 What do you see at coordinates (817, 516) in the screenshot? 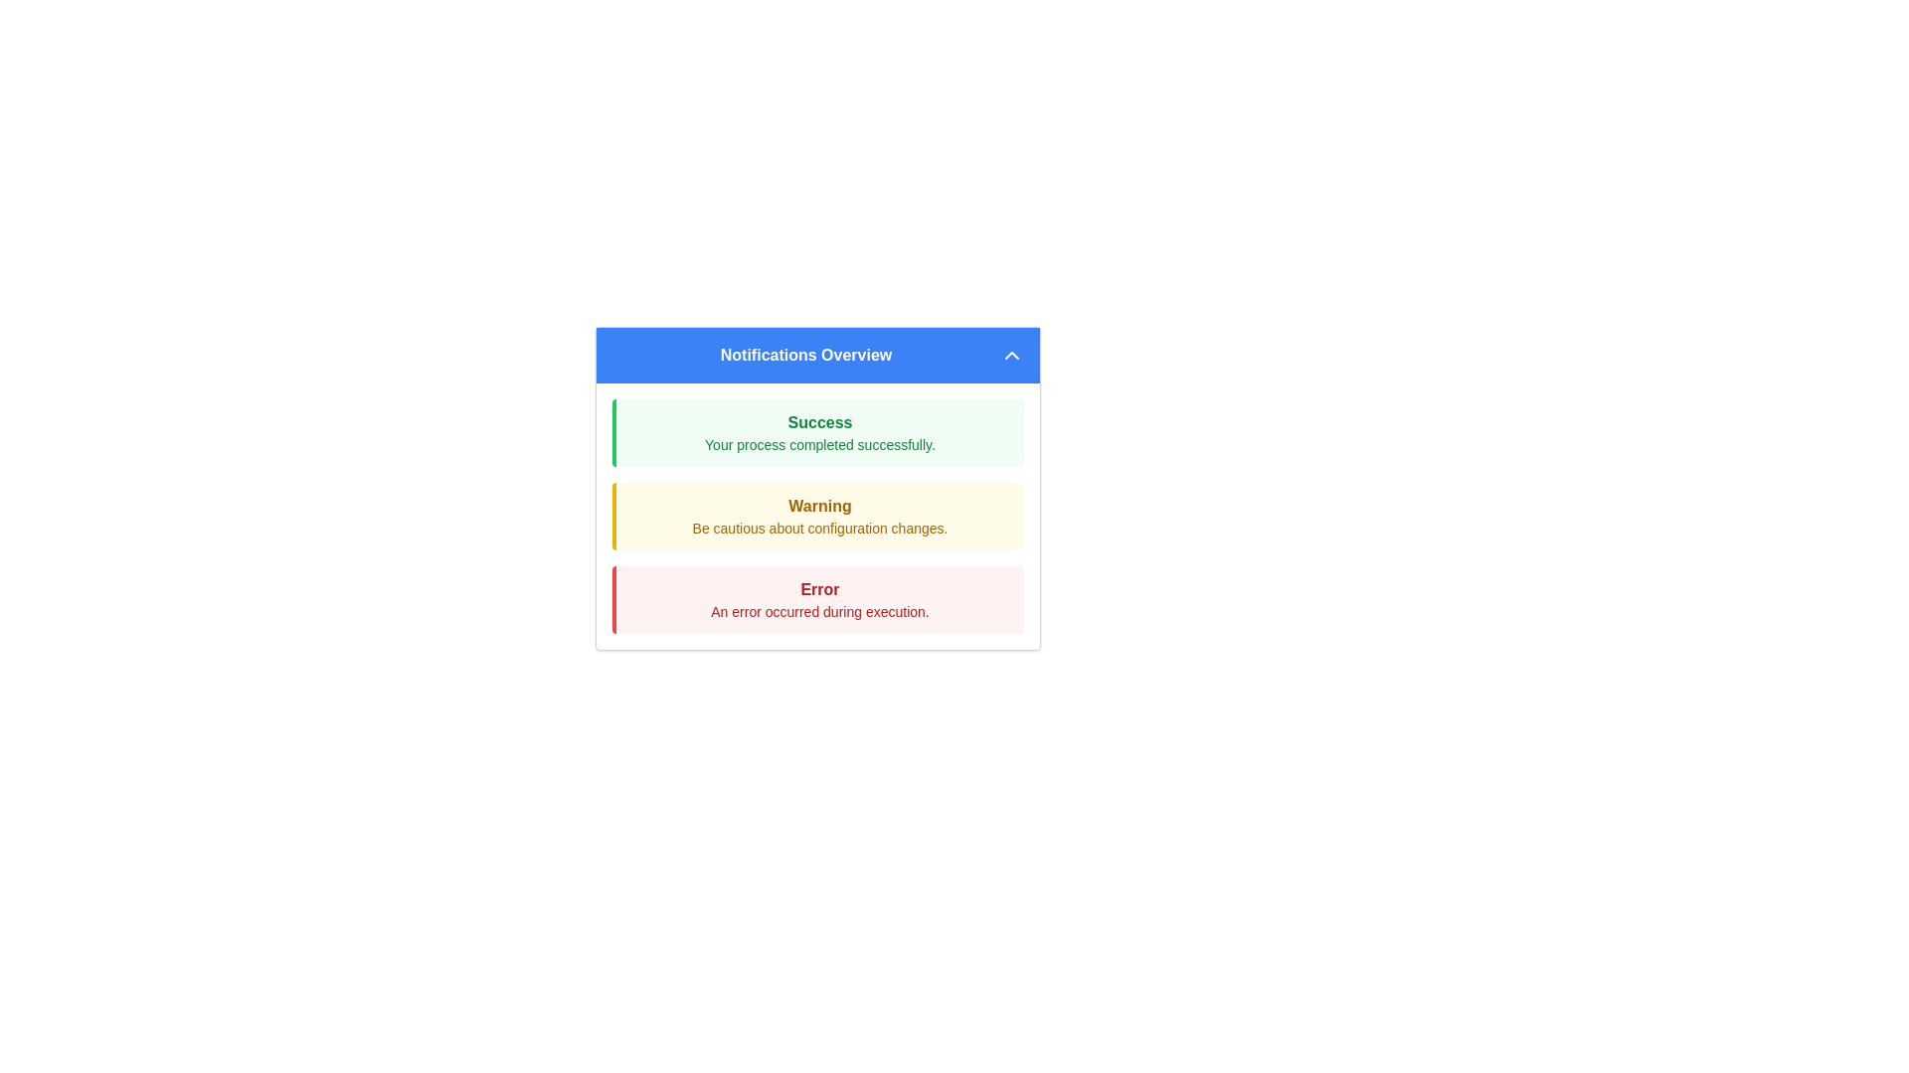
I see `warning message from the notification box with a yellow left border and a light yellow background, titled 'Warning' with a subtitle 'Be cautious about configuration changes.'` at bounding box center [817, 516].